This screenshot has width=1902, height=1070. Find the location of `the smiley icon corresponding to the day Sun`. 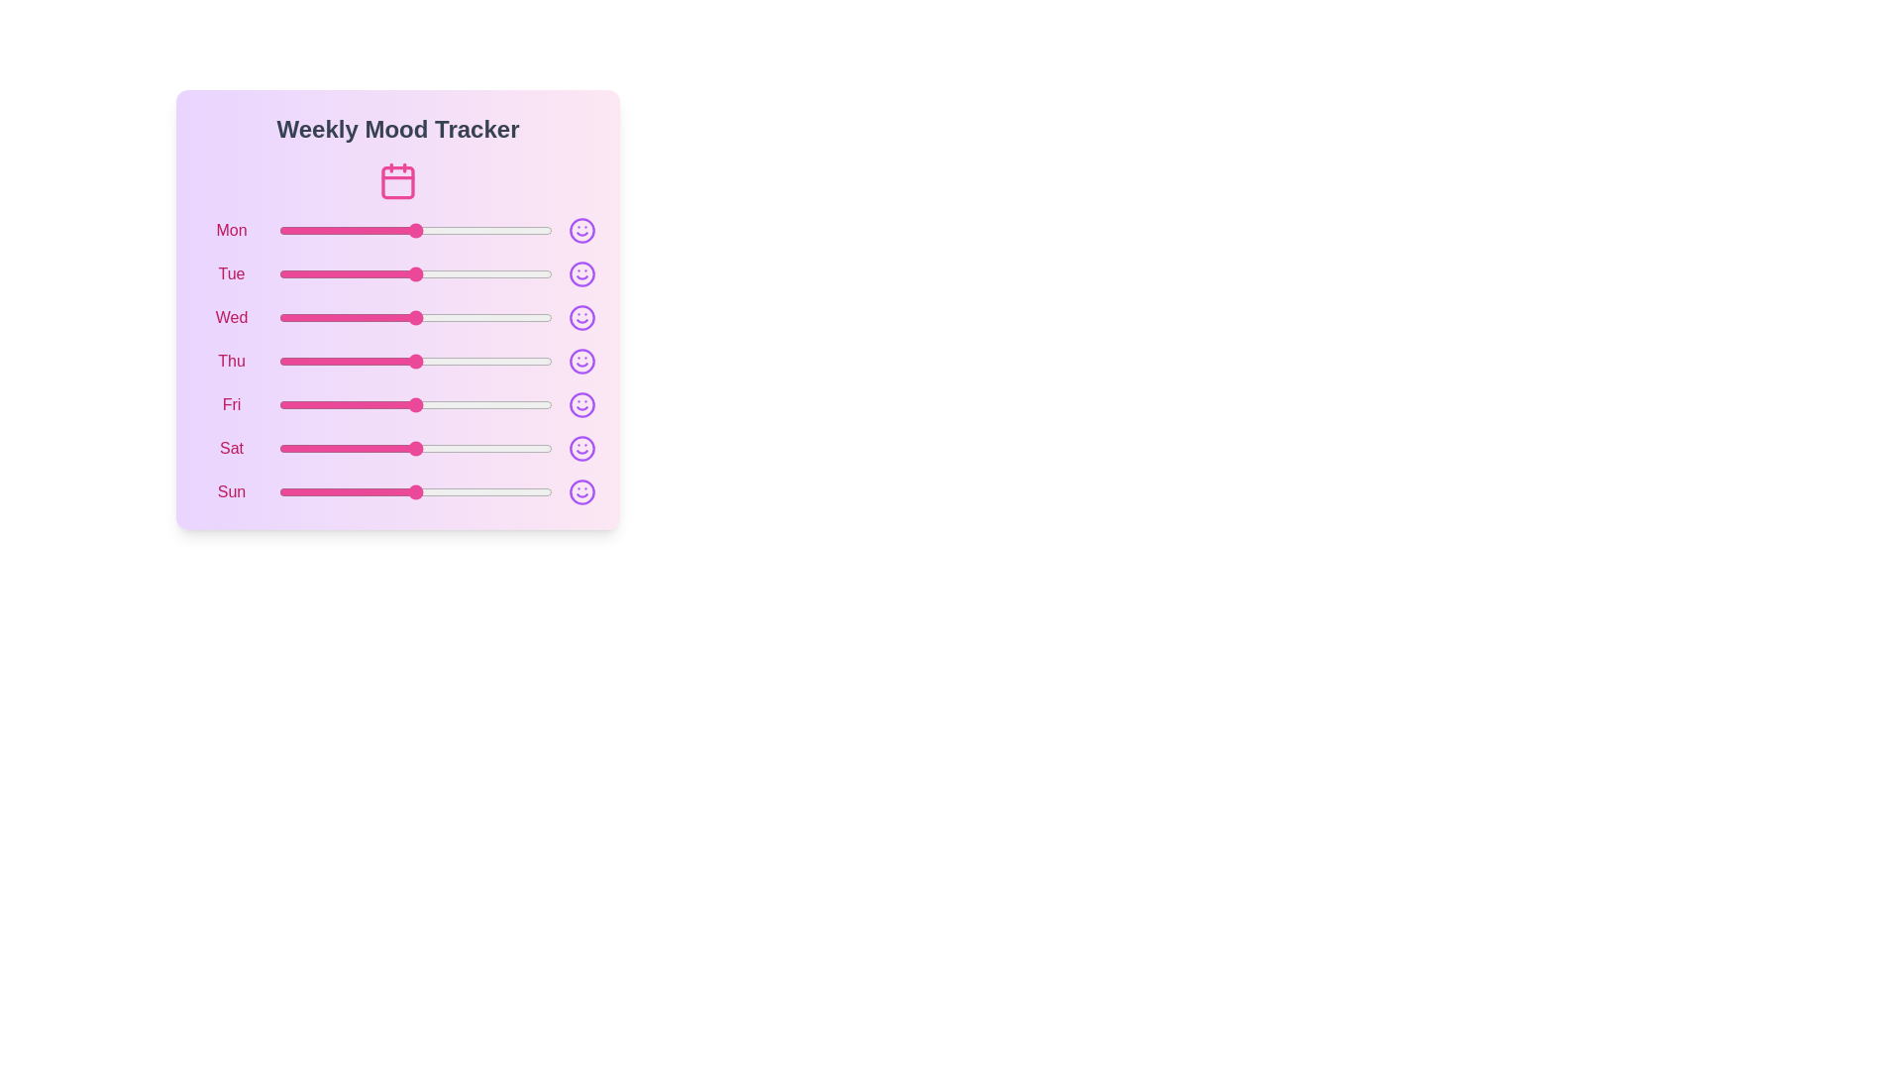

the smiley icon corresponding to the day Sun is located at coordinates (581, 491).